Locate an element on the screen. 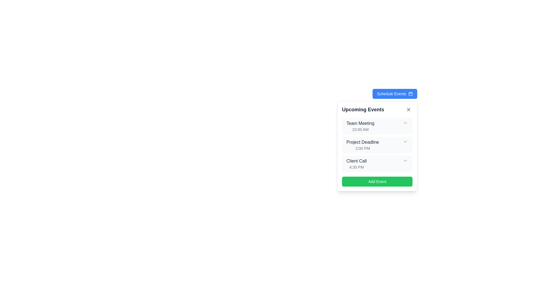  the second interactive chevron icon is located at coordinates (405, 141).